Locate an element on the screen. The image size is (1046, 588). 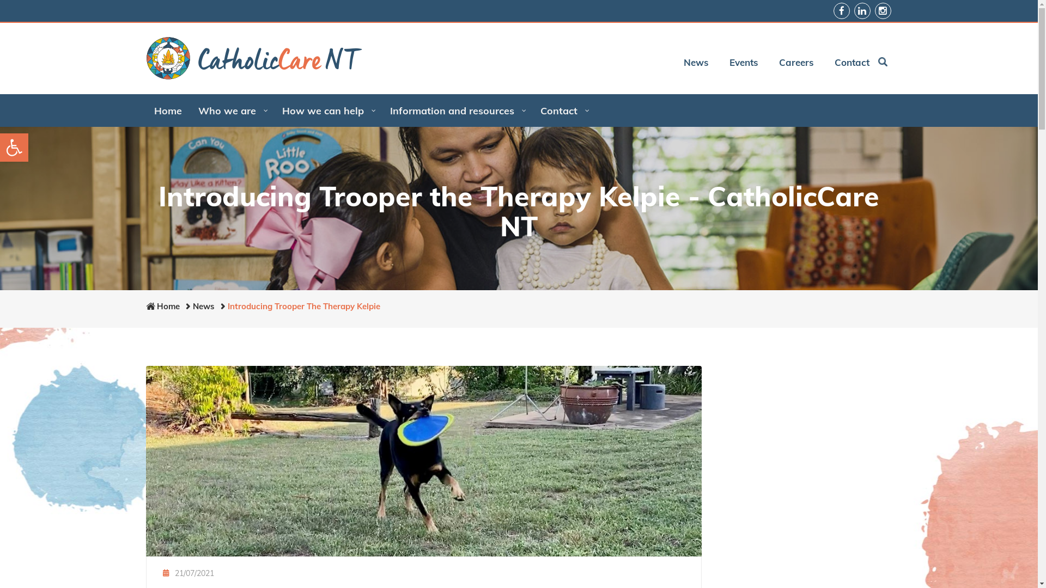
'Open toolbar is located at coordinates (14, 147).